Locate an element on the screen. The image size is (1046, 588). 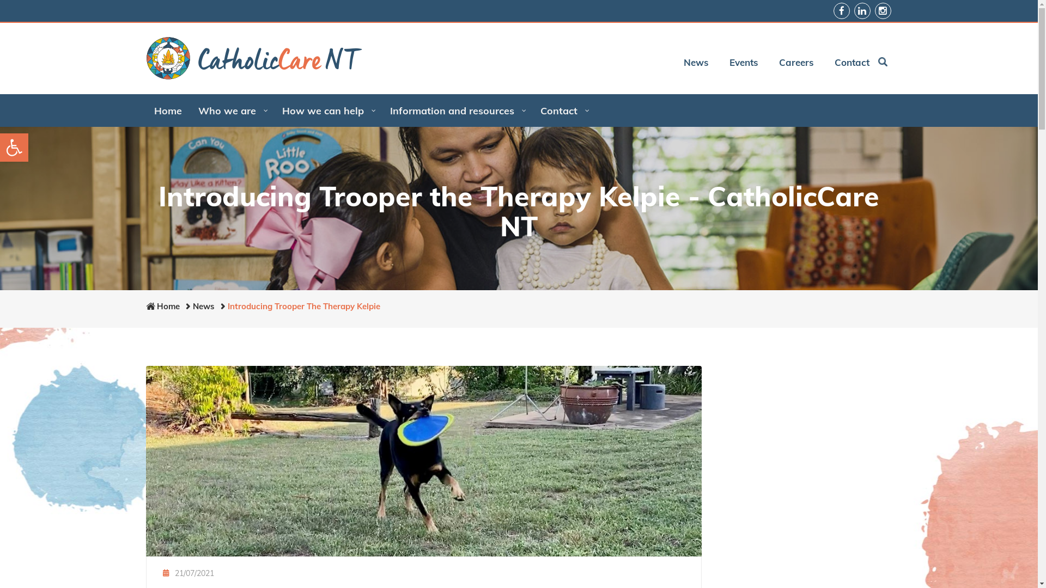
'Open toolbar is located at coordinates (14, 147).